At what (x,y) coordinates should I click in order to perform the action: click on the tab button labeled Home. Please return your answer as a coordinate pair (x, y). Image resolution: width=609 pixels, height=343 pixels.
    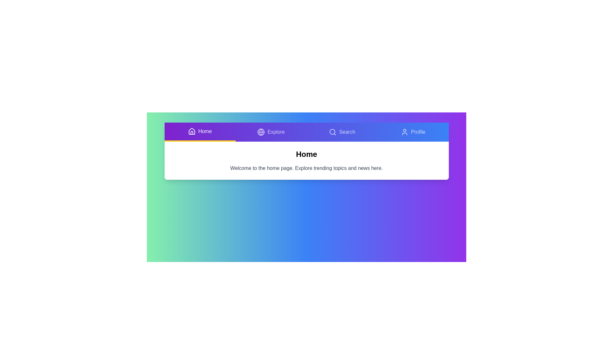
    Looking at the image, I should click on (200, 132).